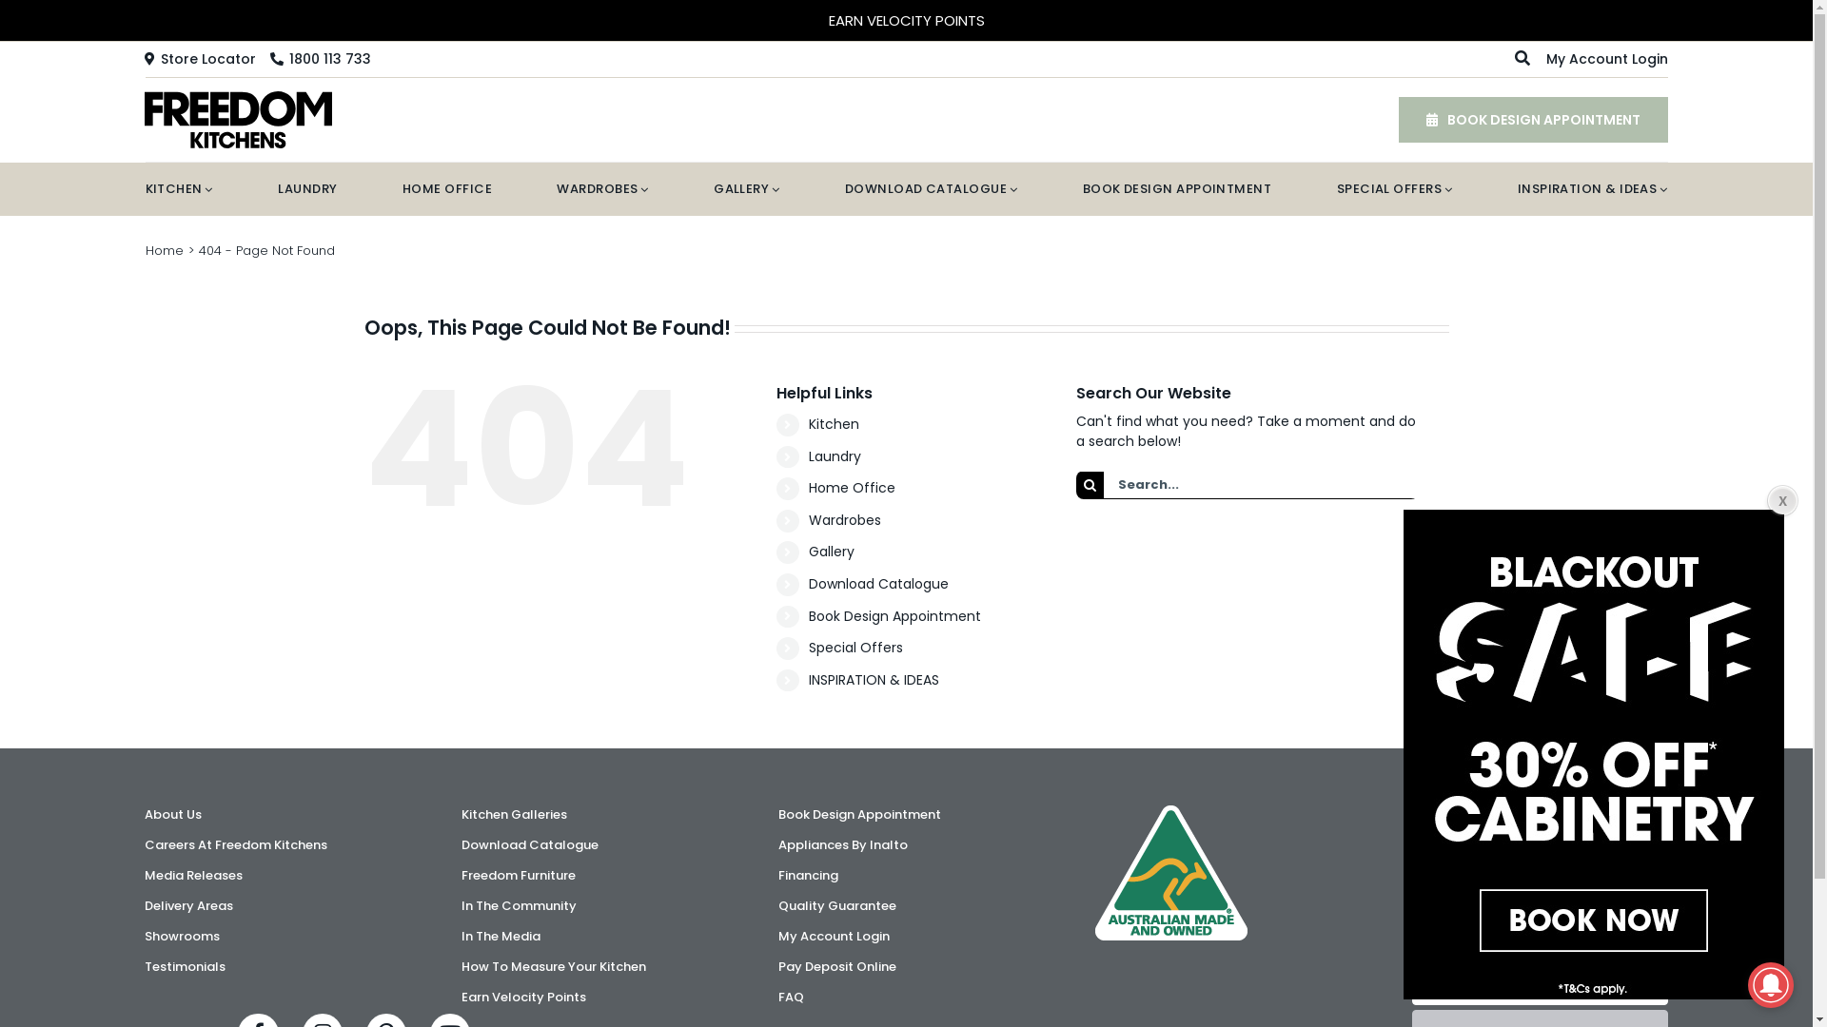  I want to click on 'LAUNDRY', so click(306, 189).